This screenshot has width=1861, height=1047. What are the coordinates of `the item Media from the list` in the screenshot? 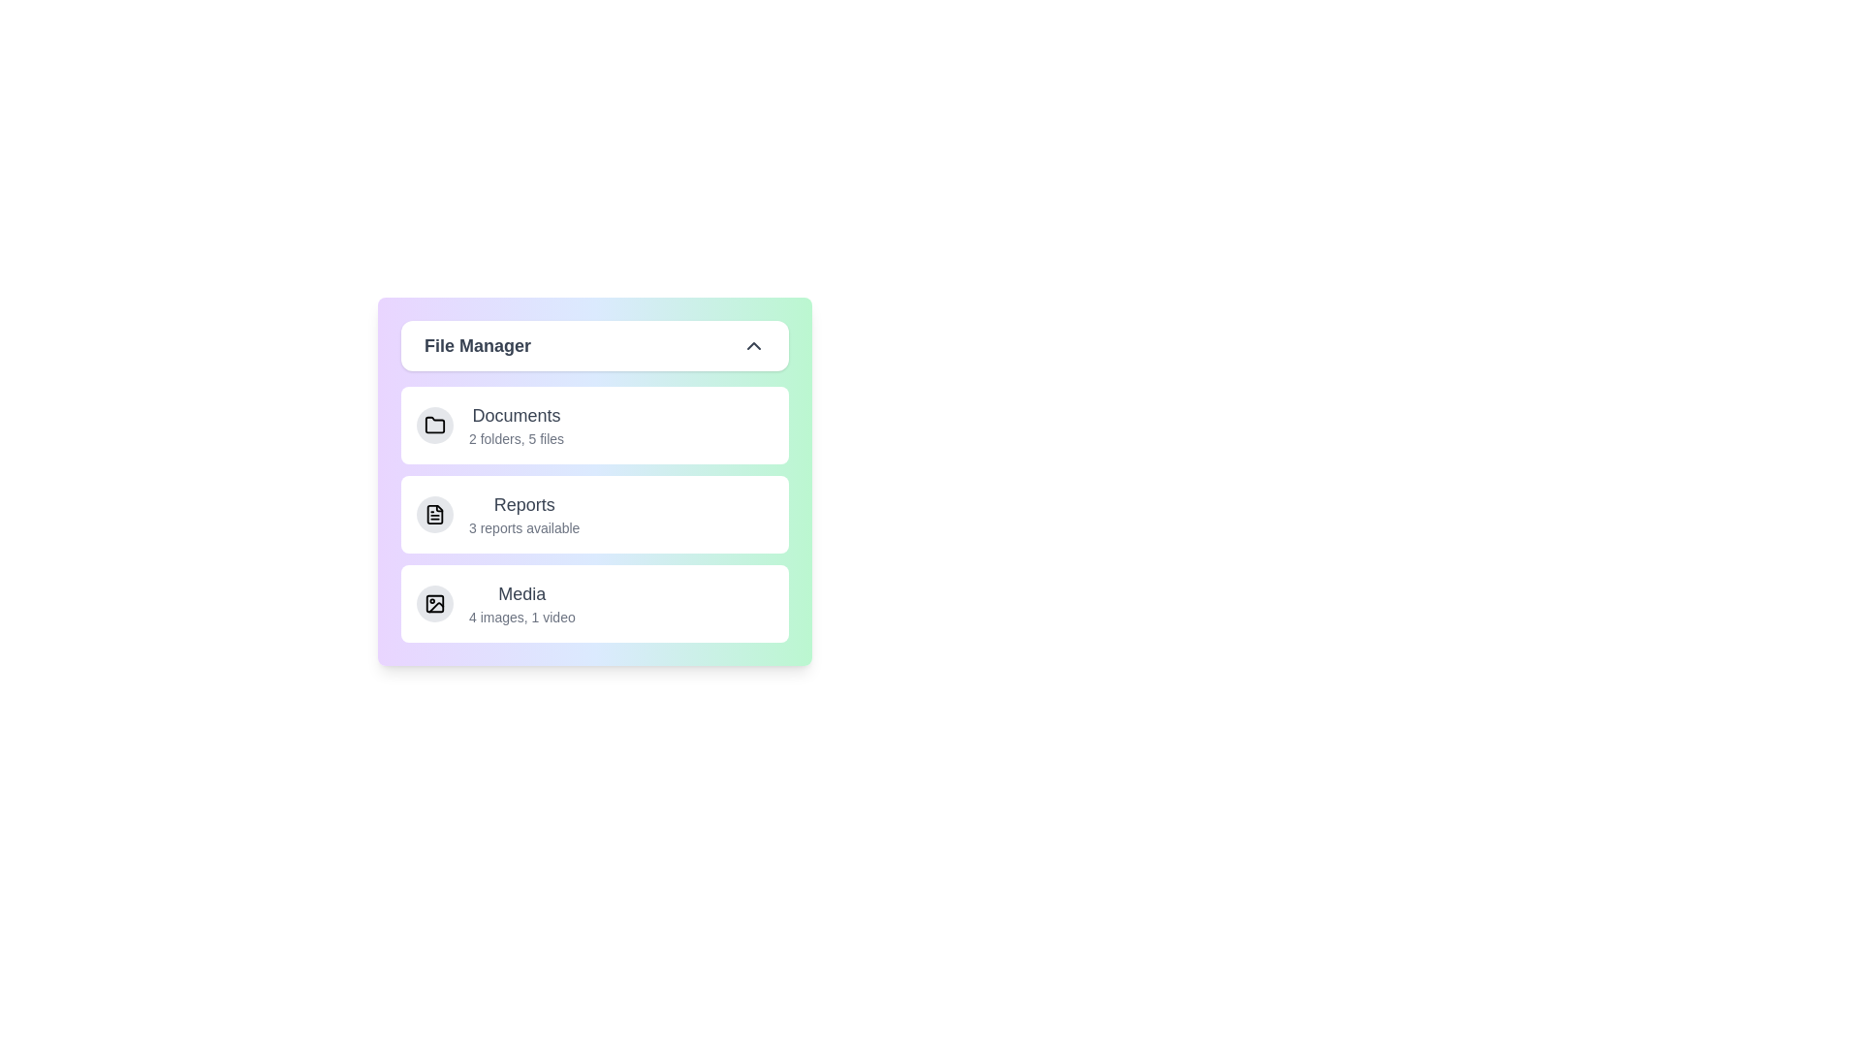 It's located at (594, 603).